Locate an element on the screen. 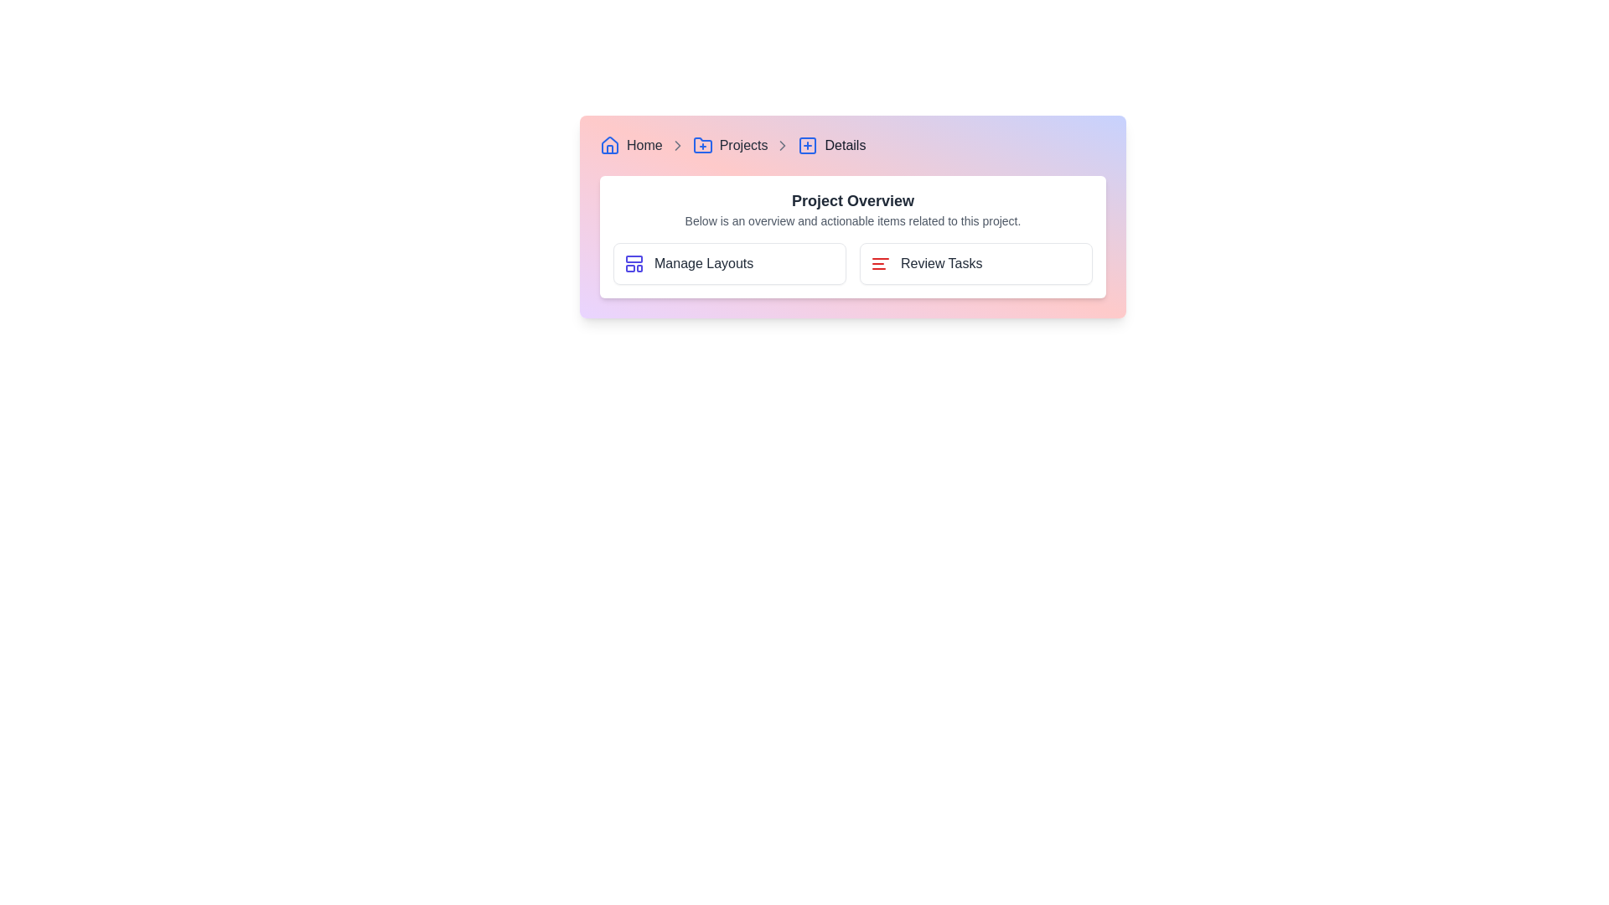  the blue rectangular icon with a plus sign in the breadcrumb navigation labeled 'Details' located at the top-right corner of the interface is located at coordinates (808, 144).